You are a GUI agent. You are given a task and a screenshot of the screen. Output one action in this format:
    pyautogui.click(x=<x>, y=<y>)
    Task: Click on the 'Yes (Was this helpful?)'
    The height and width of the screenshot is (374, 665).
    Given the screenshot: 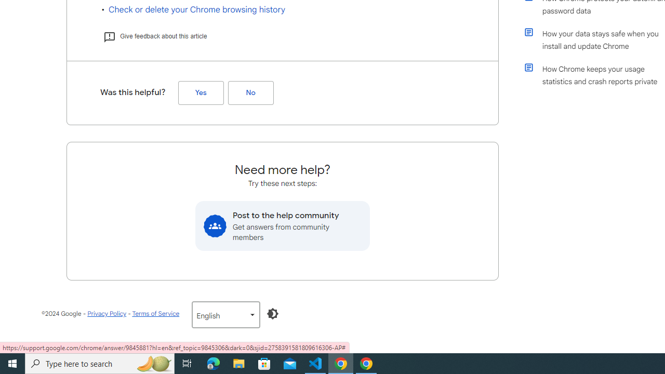 What is the action you would take?
    pyautogui.click(x=201, y=92)
    